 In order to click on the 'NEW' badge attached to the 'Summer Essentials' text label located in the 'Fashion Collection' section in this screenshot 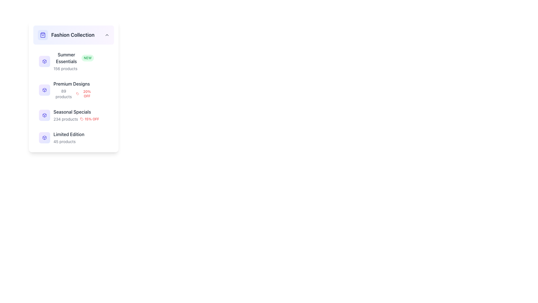, I will do `click(73, 58)`.